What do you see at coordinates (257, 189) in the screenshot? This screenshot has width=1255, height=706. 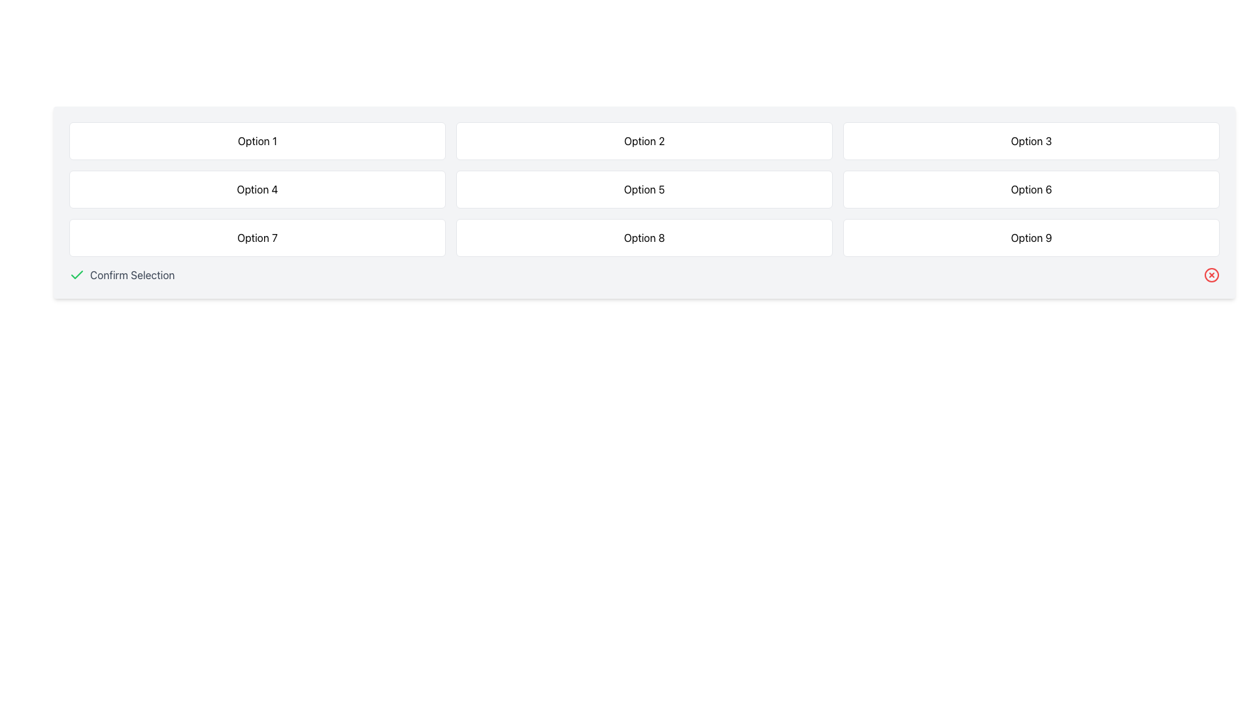 I see `the button labeled 'Option 4', which is a rectangular button with a white background and rounded corners` at bounding box center [257, 189].